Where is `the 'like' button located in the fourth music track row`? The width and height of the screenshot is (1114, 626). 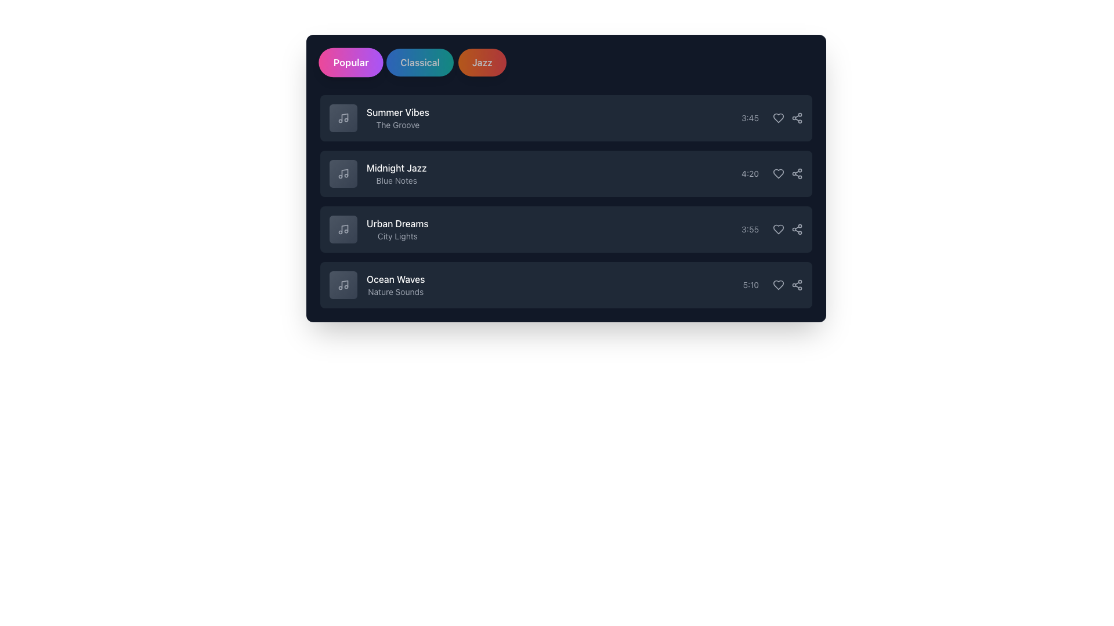
the 'like' button located in the fourth music track row is located at coordinates (779, 285).